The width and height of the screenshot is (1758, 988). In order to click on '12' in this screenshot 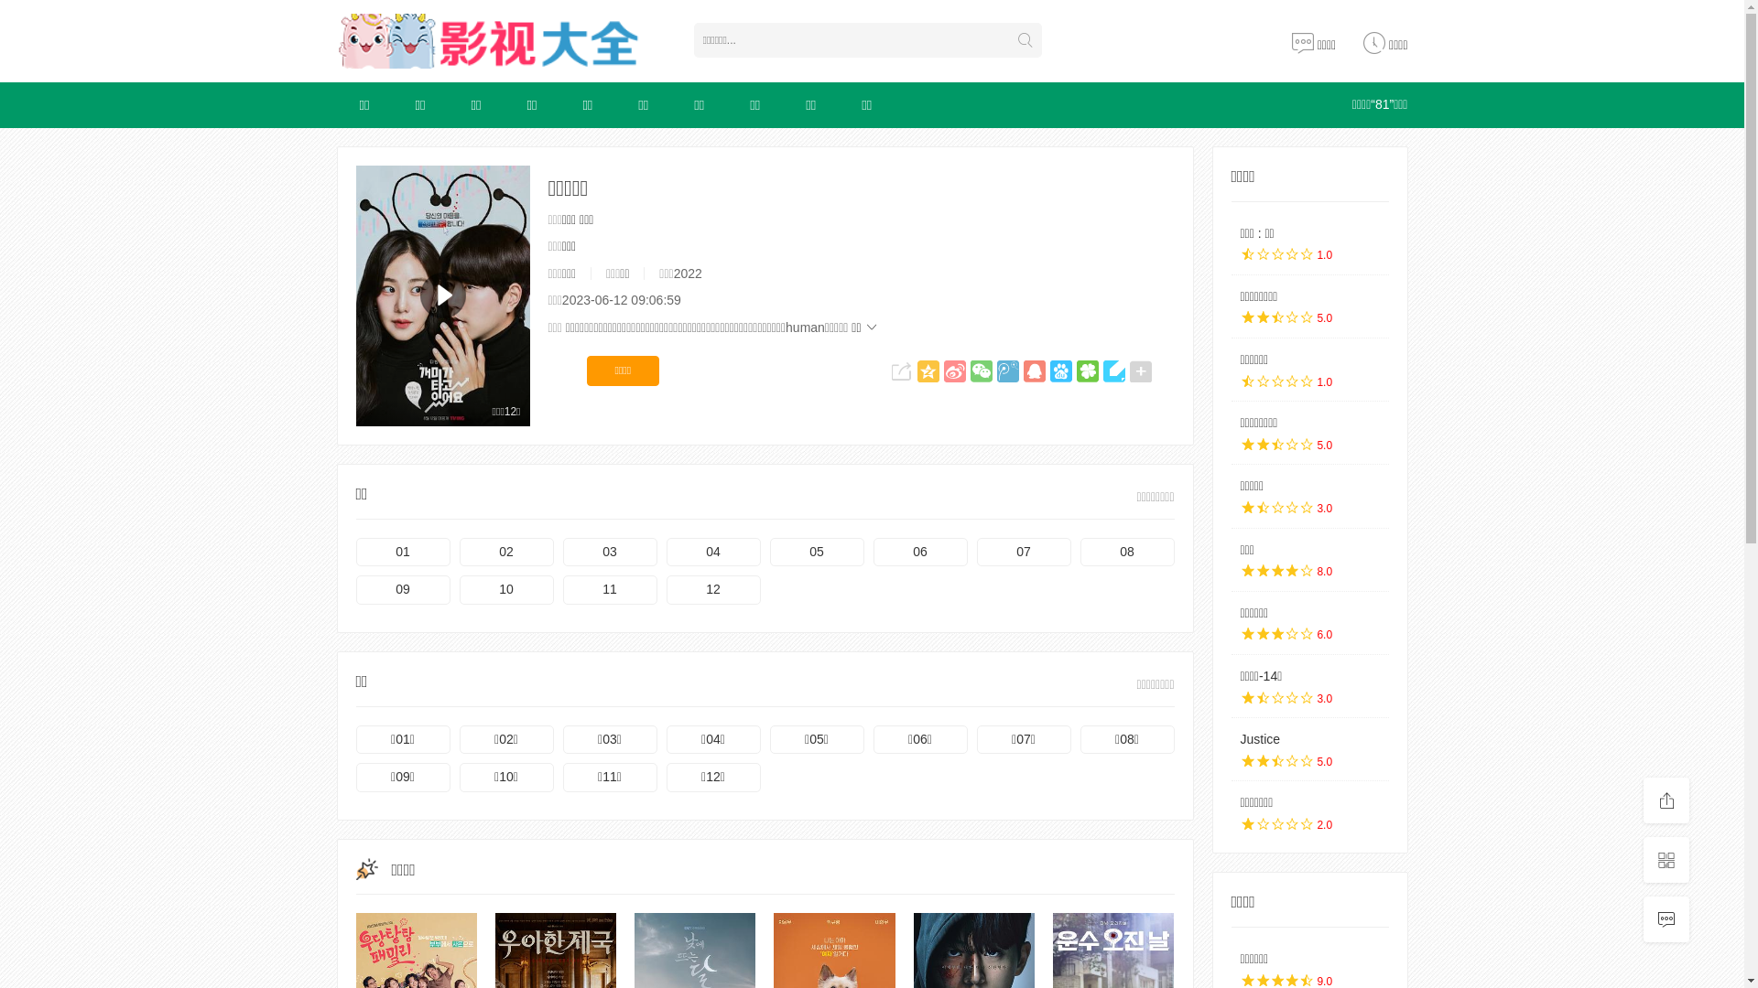, I will do `click(712, 589)`.